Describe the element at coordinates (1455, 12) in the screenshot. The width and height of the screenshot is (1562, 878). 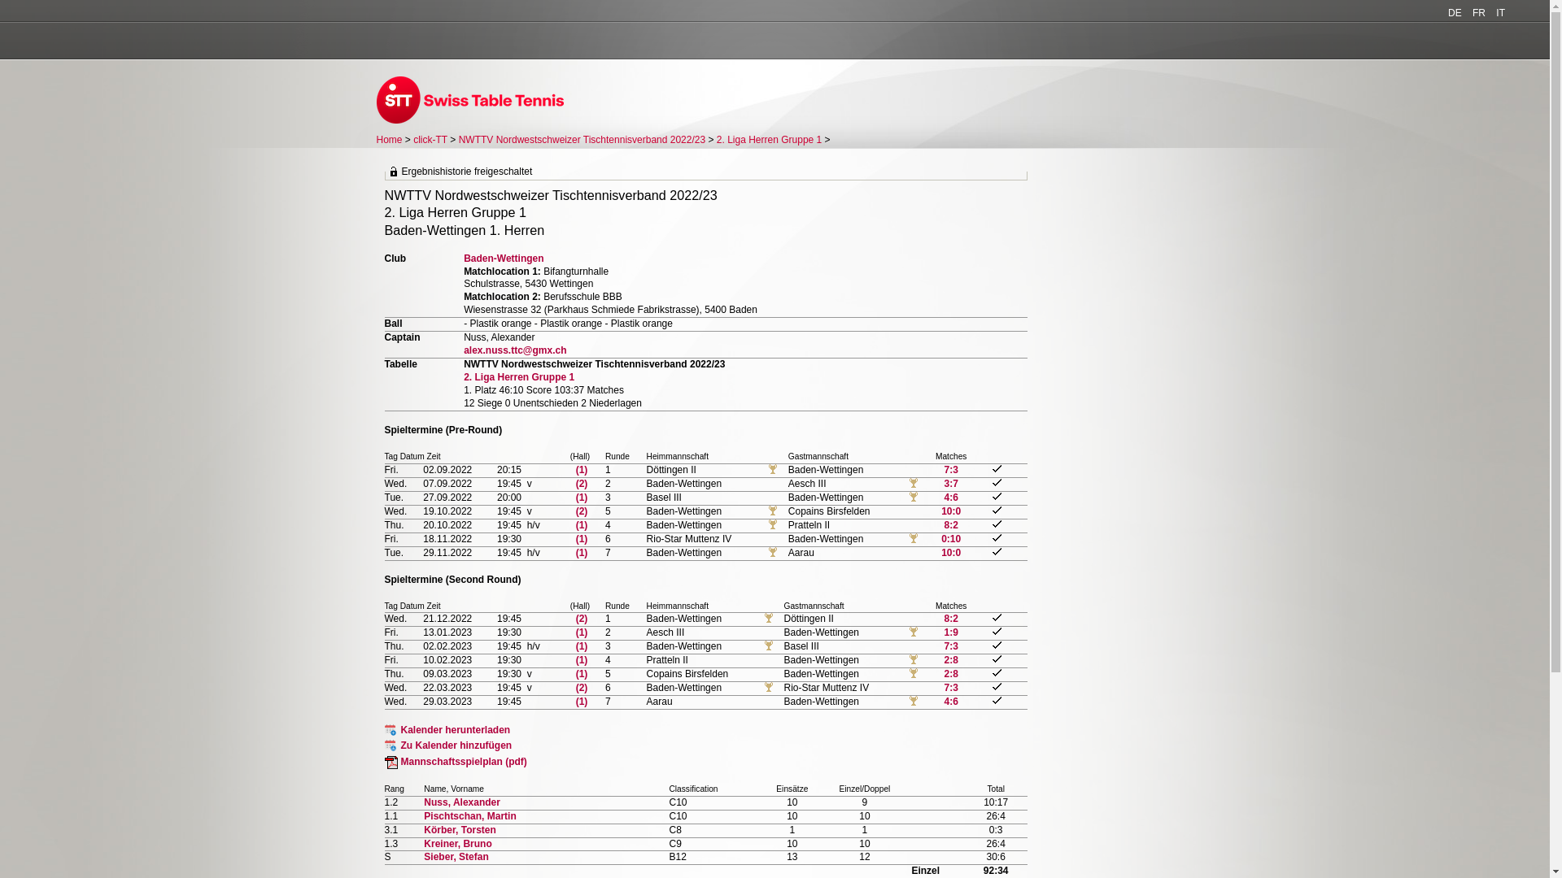
I see `'DE'` at that location.